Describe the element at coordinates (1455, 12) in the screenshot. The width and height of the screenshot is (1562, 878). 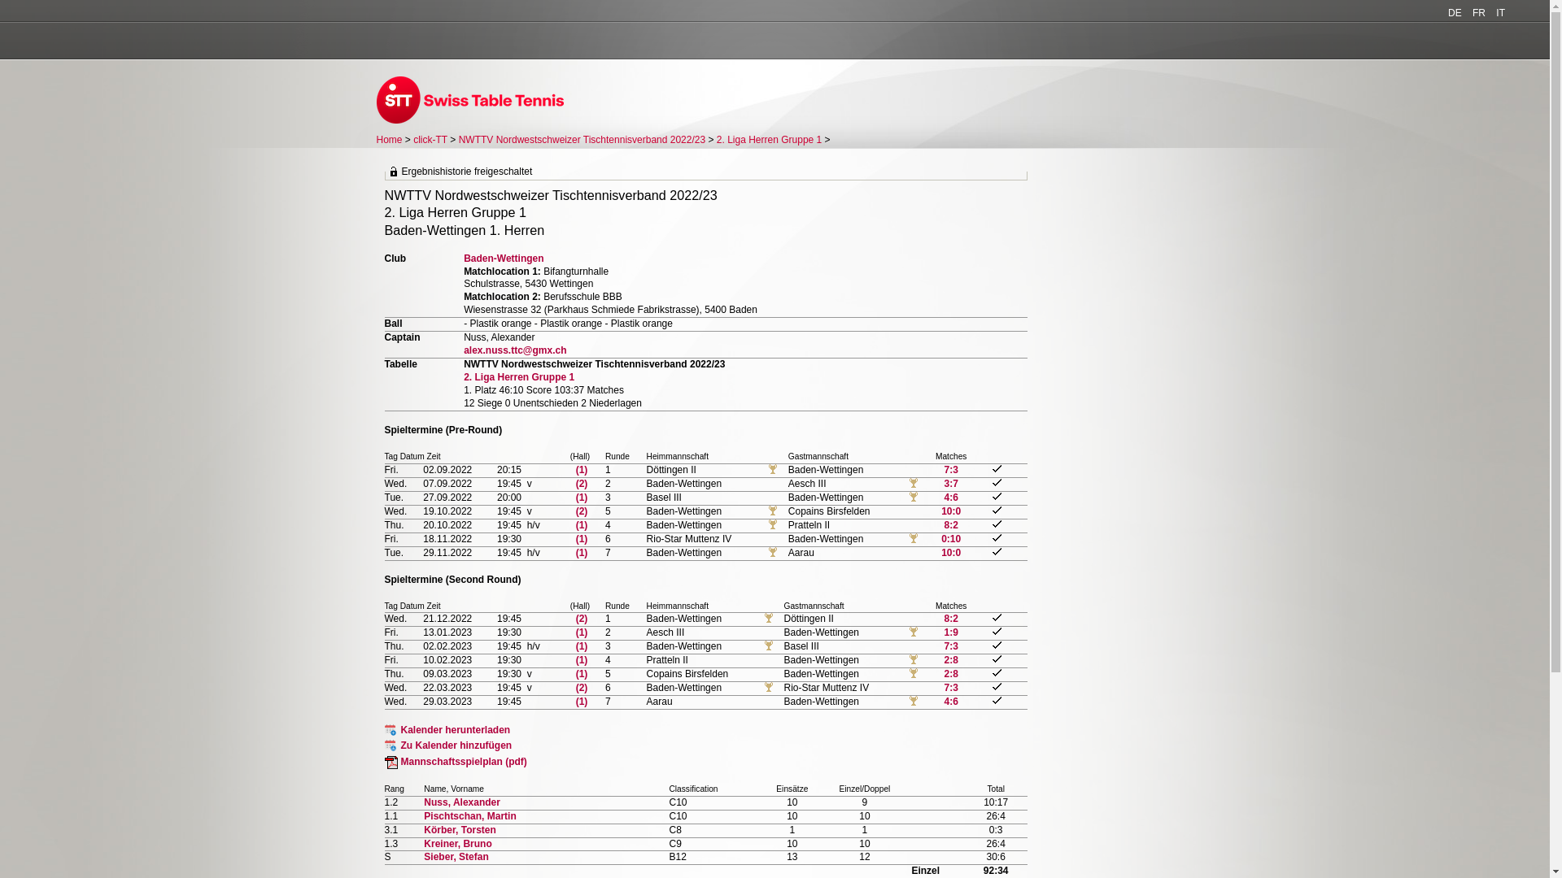
I see `'DE'` at that location.